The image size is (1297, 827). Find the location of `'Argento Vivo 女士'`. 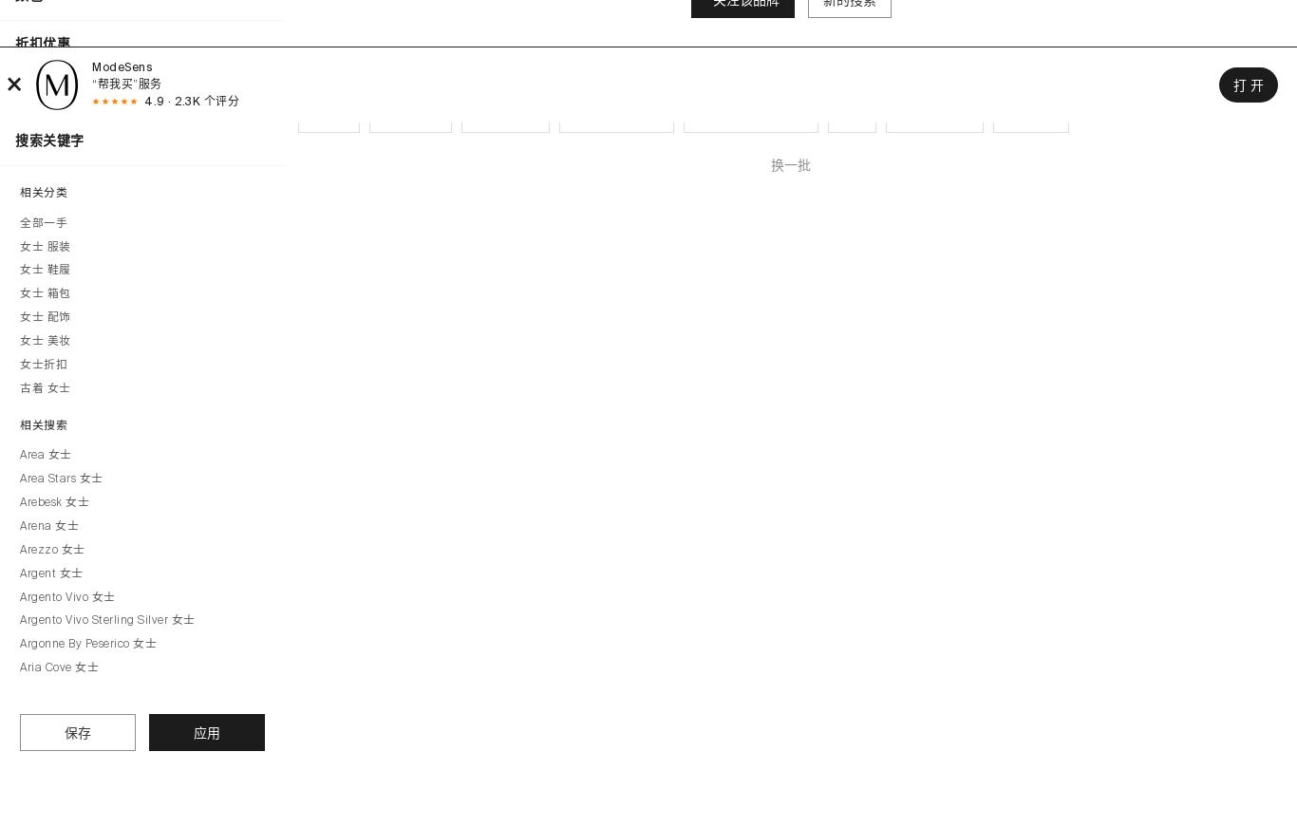

'Argento Vivo 女士' is located at coordinates (67, 596).